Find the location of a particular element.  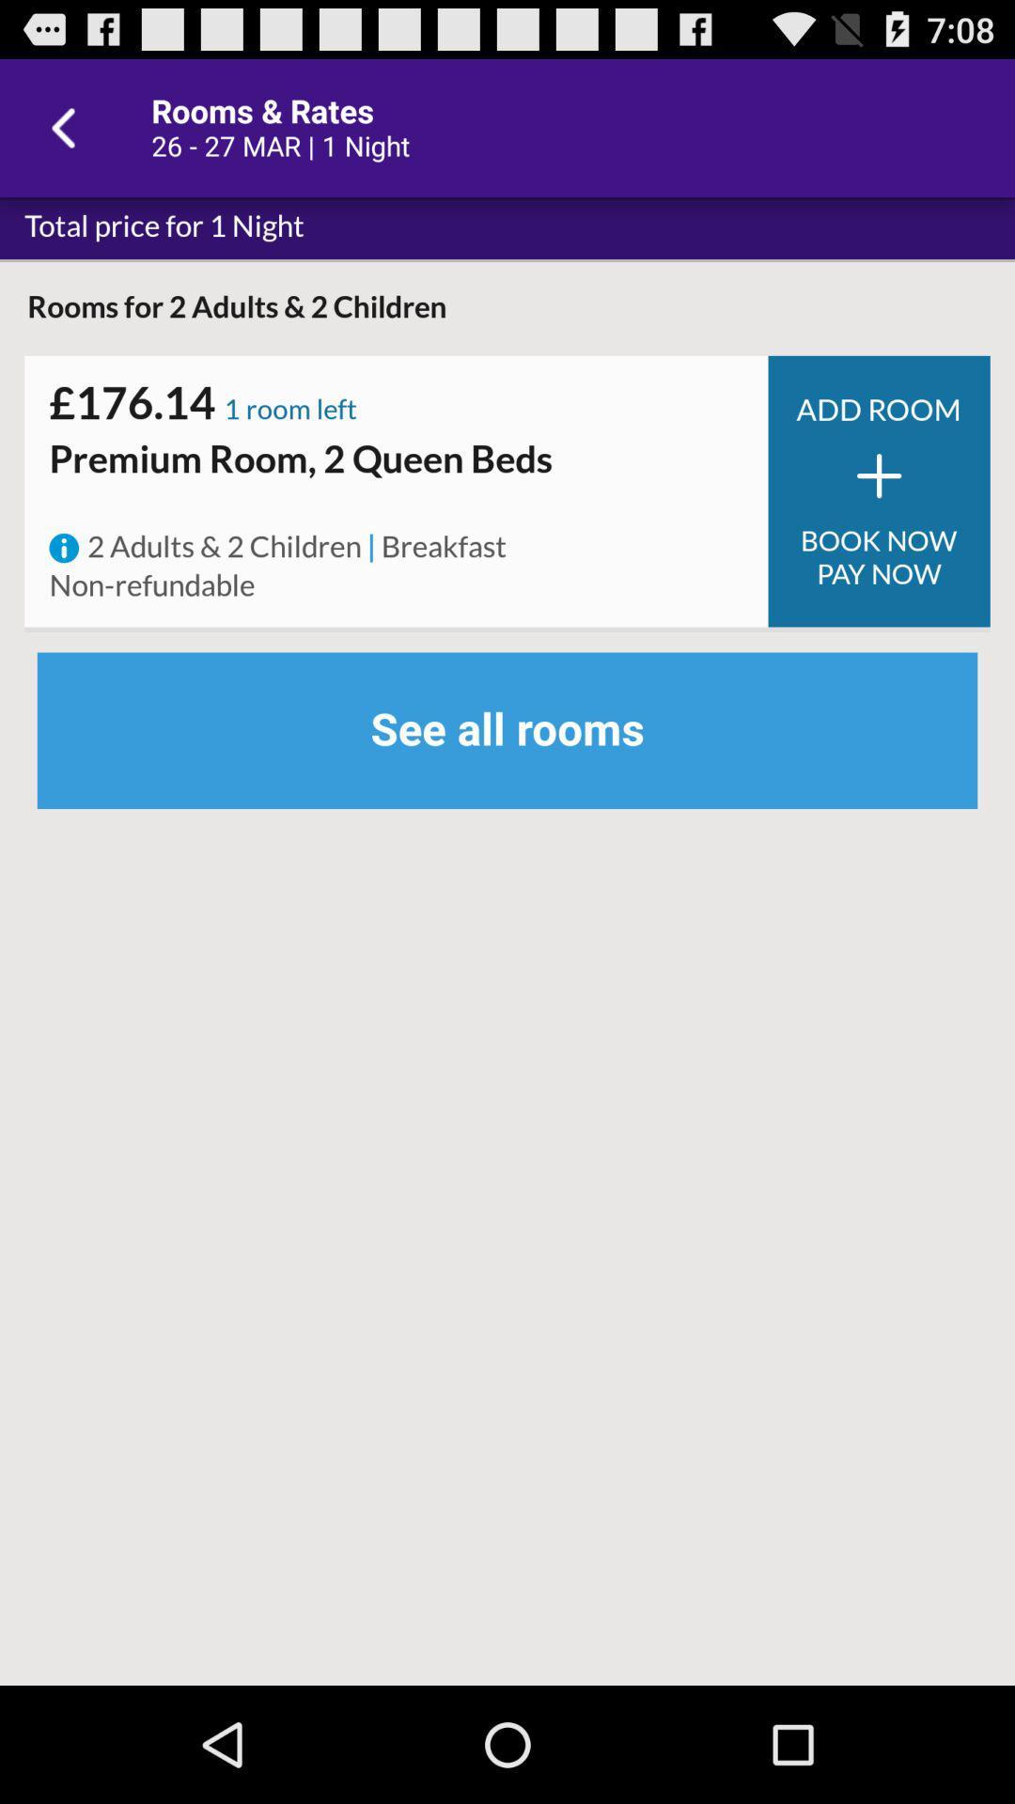

the item above non-refundable item is located at coordinates (63, 547).